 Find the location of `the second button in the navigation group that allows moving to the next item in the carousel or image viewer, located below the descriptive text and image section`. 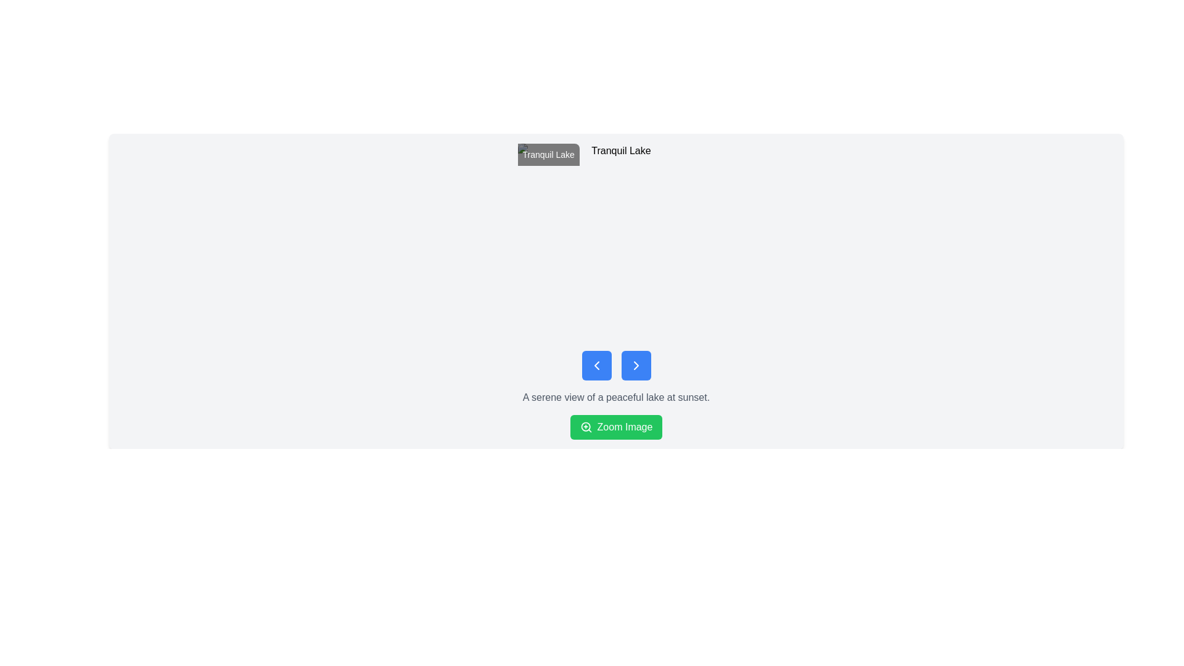

the second button in the navigation group that allows moving to the next item in the carousel or image viewer, located below the descriptive text and image section is located at coordinates (636, 365).